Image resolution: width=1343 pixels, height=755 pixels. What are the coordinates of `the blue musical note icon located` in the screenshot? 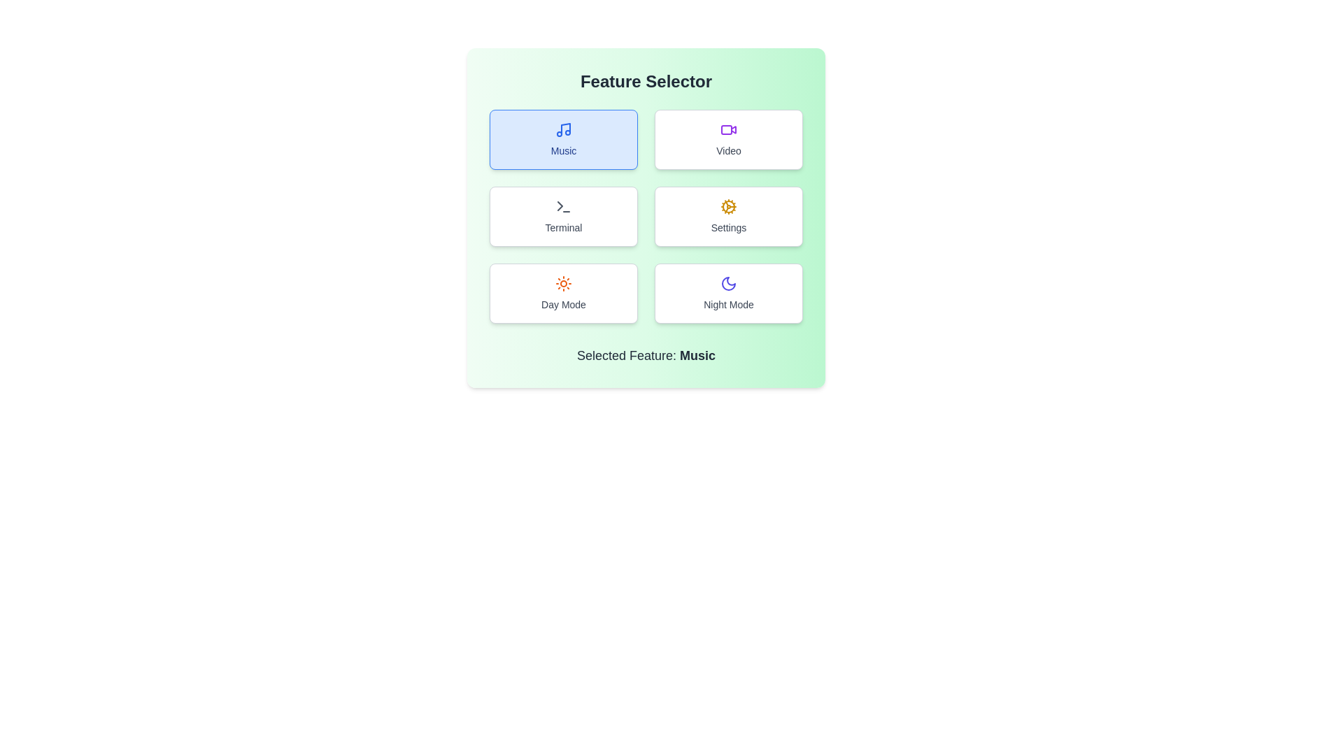 It's located at (564, 129).